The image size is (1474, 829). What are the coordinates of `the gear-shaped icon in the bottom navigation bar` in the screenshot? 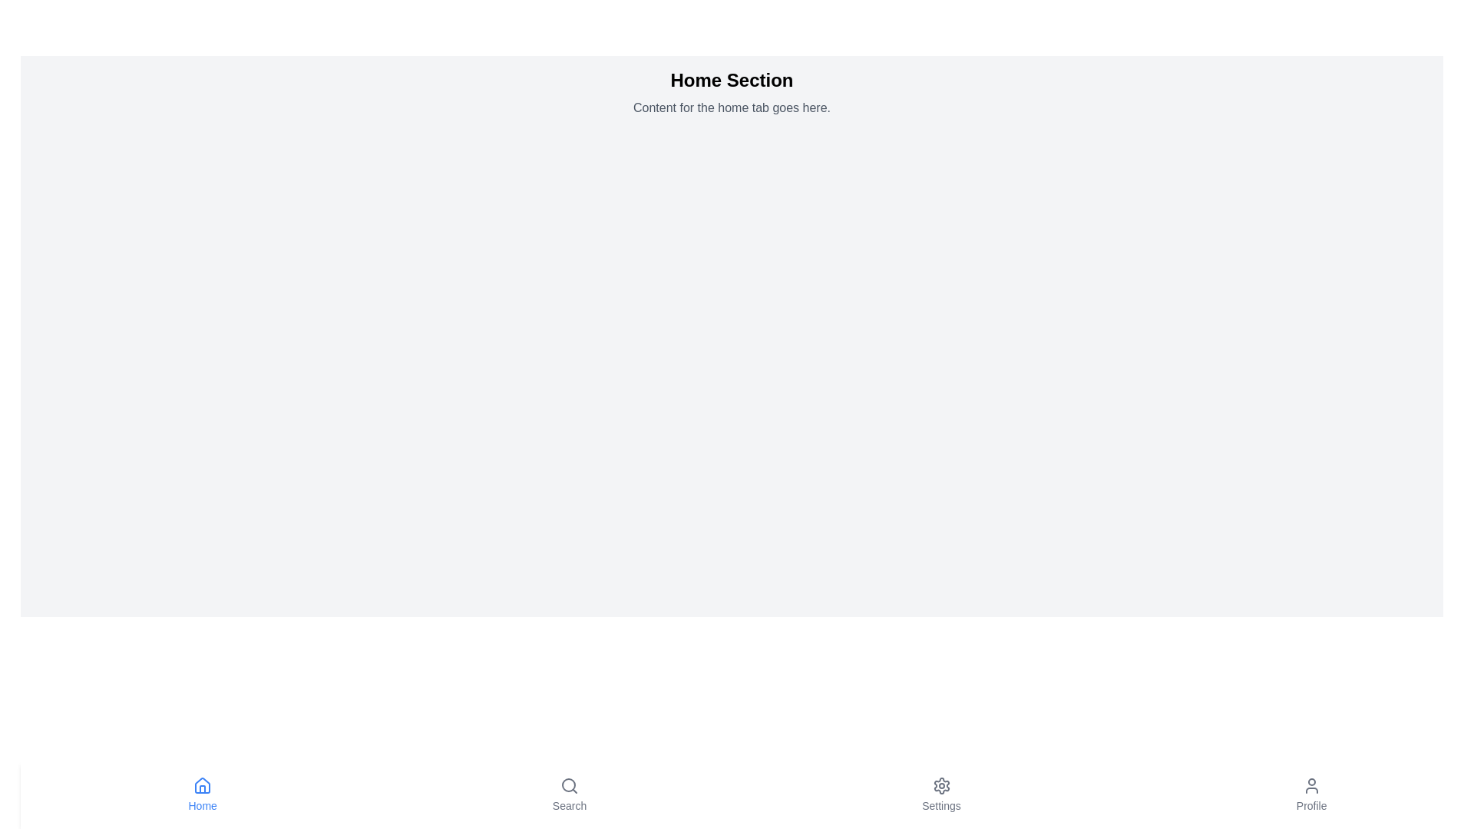 It's located at (940, 785).